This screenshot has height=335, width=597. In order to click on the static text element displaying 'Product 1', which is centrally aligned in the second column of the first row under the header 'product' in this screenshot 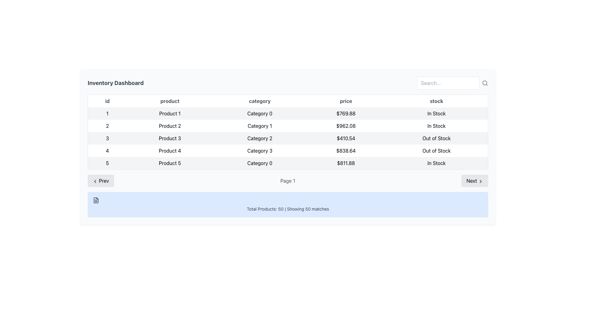, I will do `click(170, 114)`.